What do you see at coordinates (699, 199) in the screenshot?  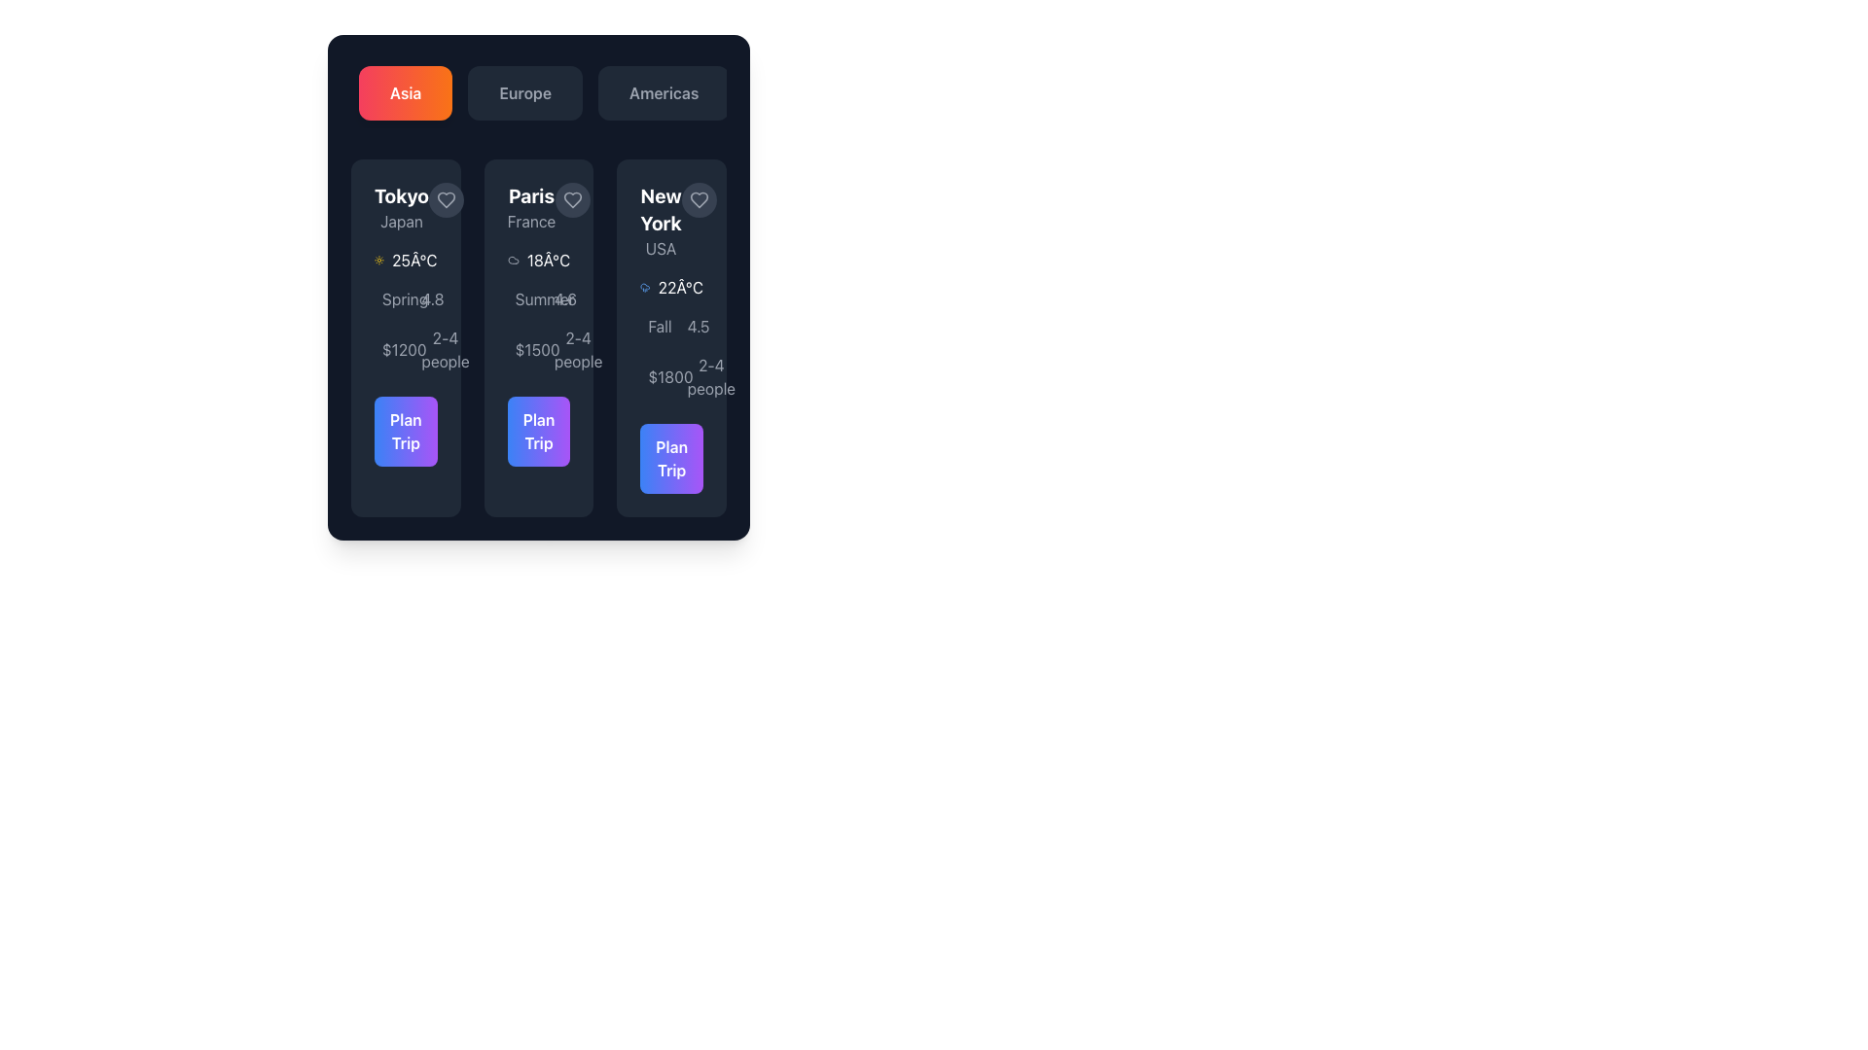 I see `the heart-shaped icon with a gray outline located at the top-right corner of the 'New York, USA' card` at bounding box center [699, 199].